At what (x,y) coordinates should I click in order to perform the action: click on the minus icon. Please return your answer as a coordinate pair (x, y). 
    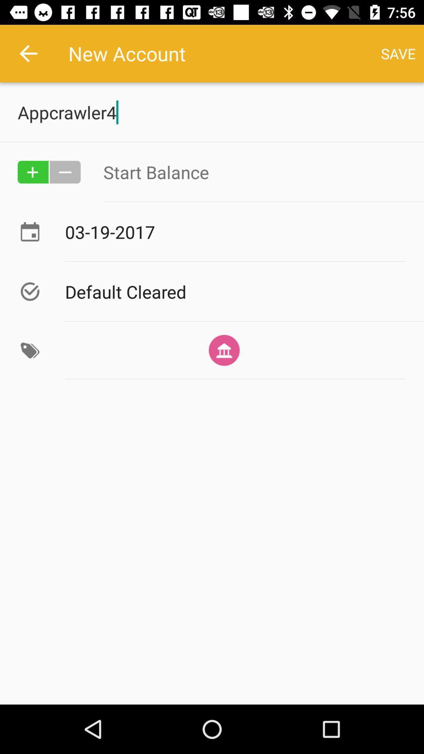
    Looking at the image, I should click on (65, 172).